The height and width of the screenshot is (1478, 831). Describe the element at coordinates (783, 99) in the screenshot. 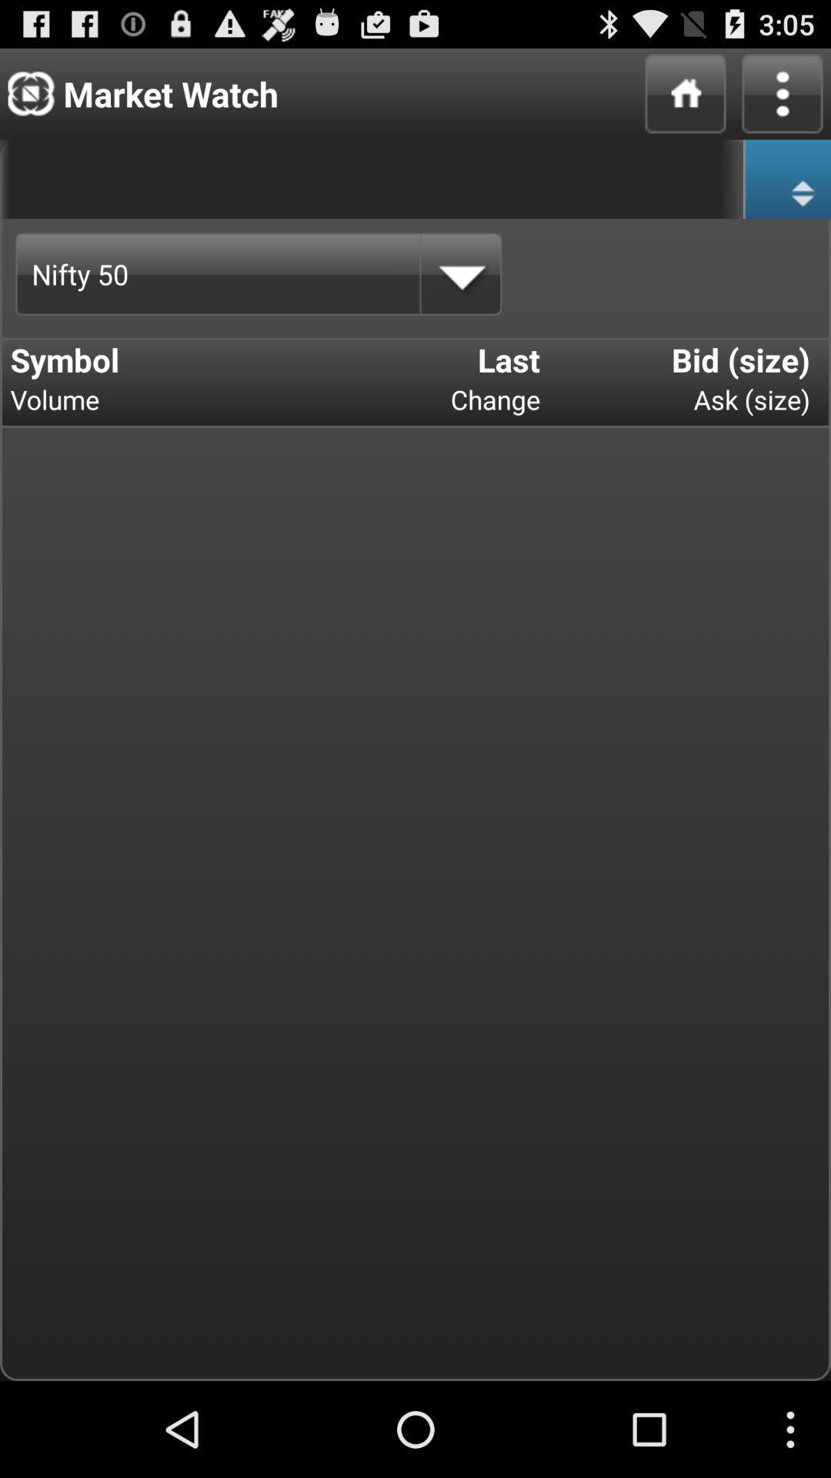

I see `the more icon` at that location.